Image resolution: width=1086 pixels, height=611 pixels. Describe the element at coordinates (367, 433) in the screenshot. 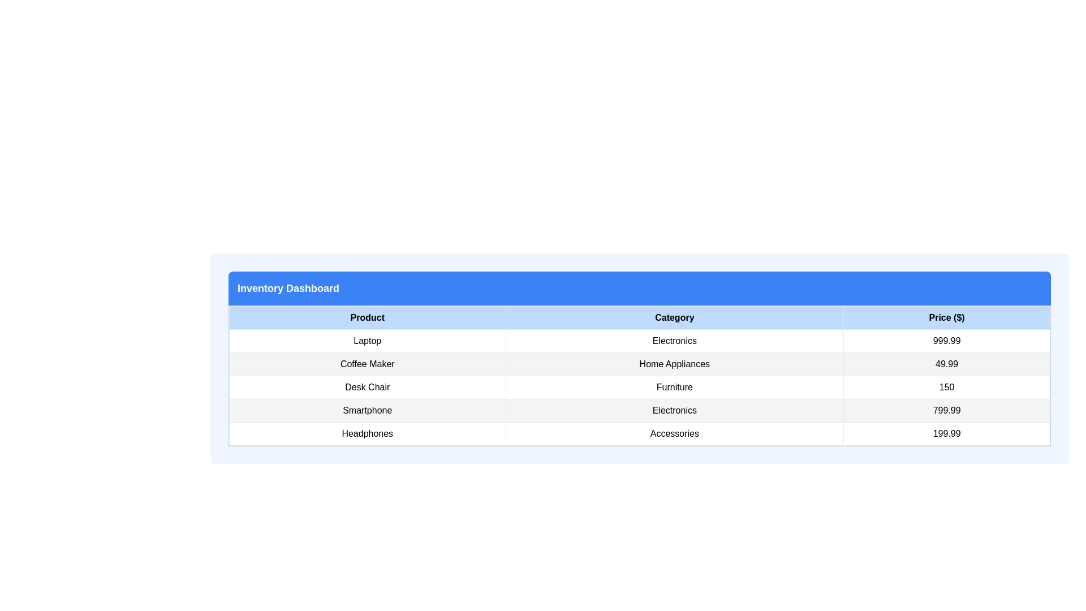

I see `the Text label indicating the product's name in the 'Product' column of the 'Inventory Dashboard' table, located in the last row` at that location.